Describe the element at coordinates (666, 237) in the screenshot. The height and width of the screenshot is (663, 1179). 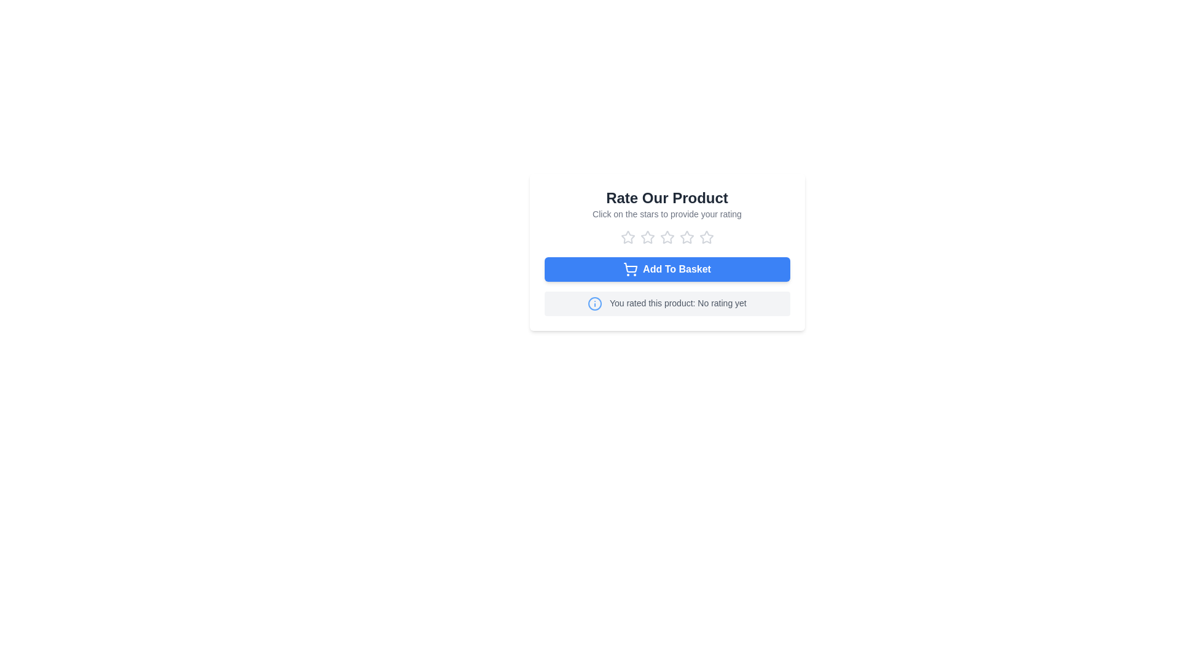
I see `the second star icon in the horizontal rating feature` at that location.